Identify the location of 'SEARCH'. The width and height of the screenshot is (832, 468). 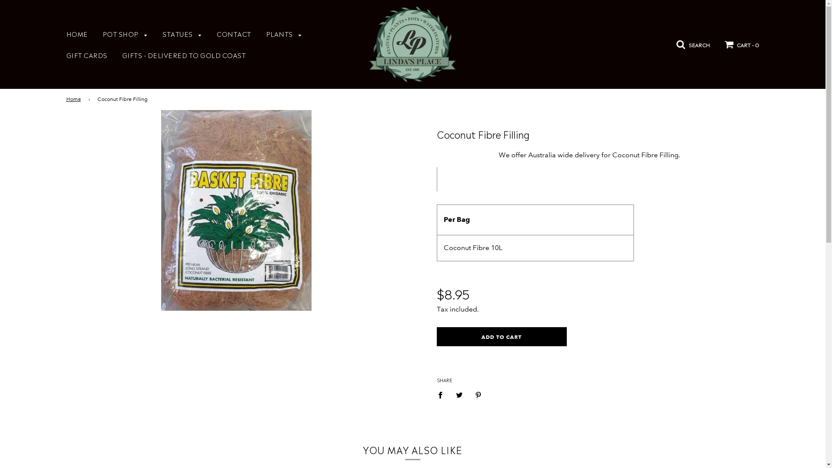
(676, 43).